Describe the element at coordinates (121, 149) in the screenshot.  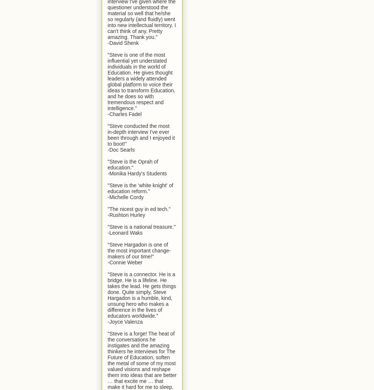
I see `'-Doc Searls'` at that location.